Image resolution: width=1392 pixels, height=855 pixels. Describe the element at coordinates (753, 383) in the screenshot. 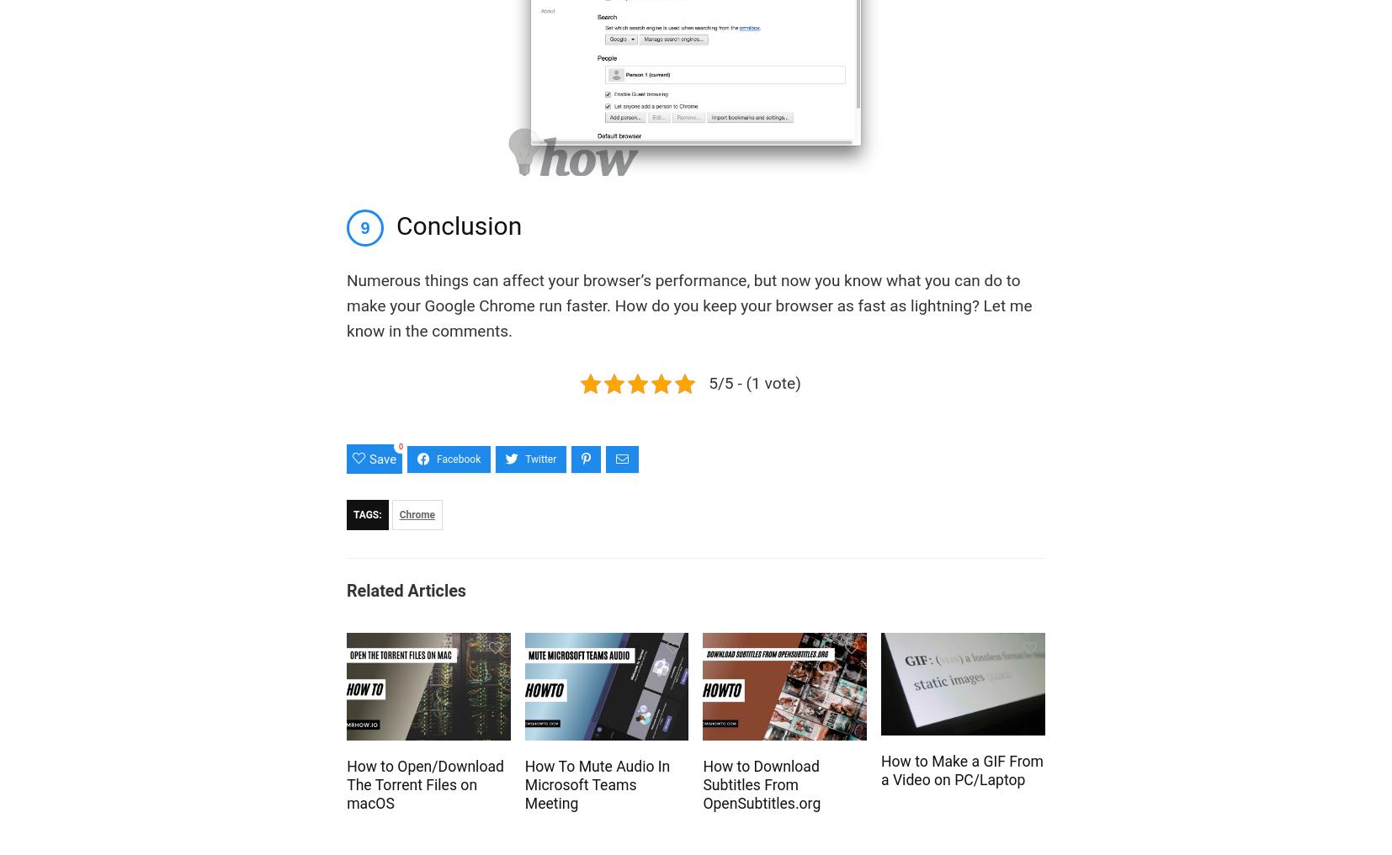

I see `'5/5 - (1 vote)'` at that location.